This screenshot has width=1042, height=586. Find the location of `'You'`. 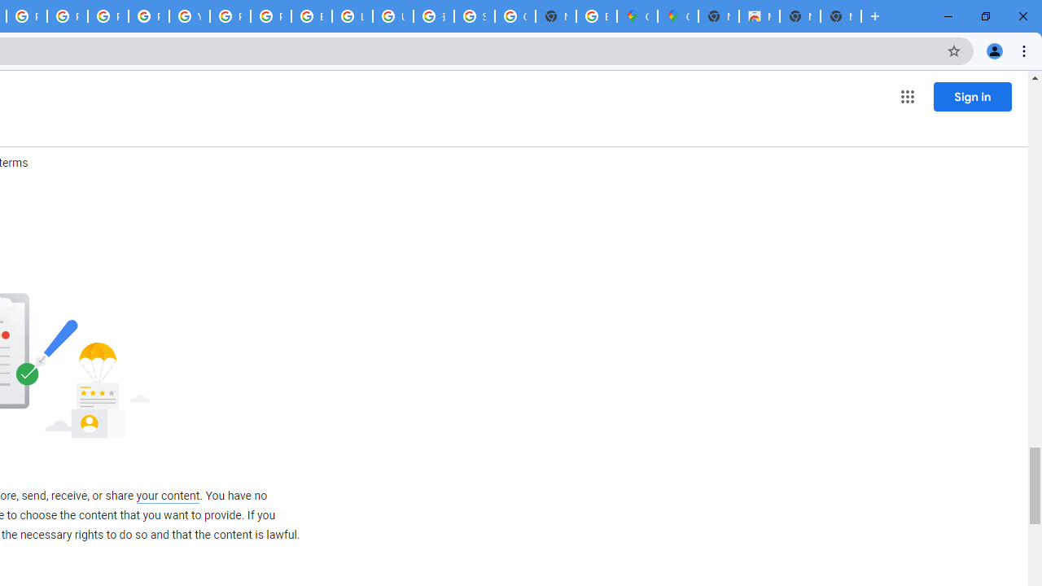

'You' is located at coordinates (993, 50).